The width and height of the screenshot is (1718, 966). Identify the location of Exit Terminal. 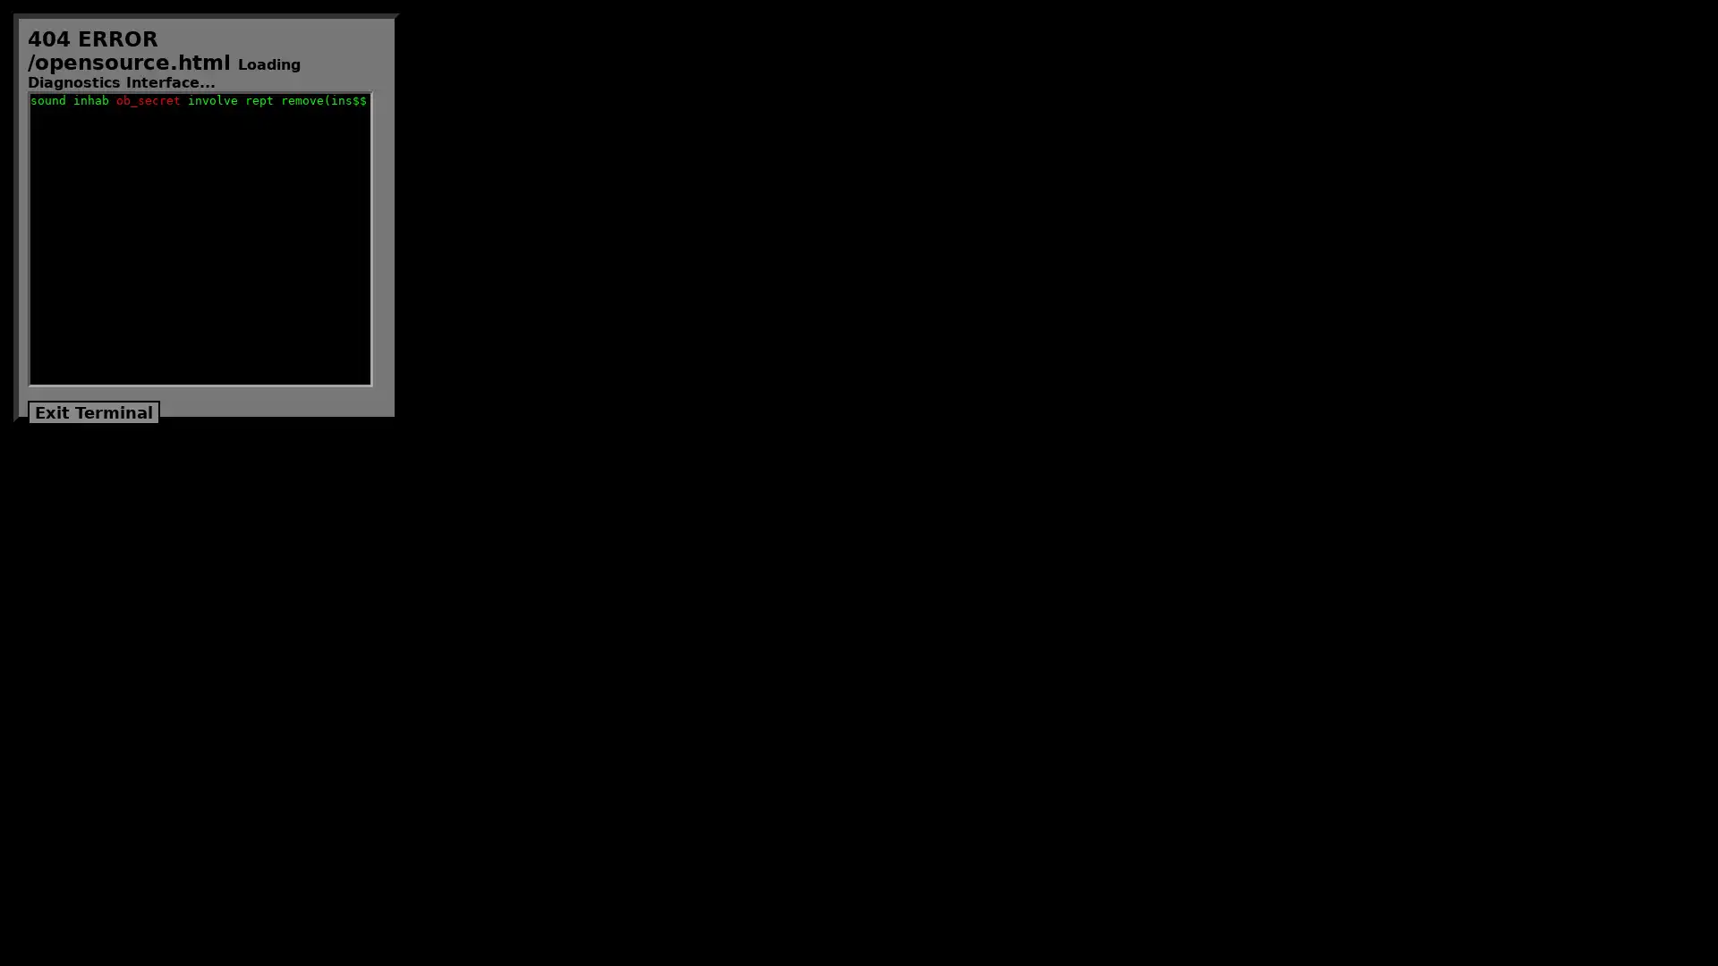
(93, 412).